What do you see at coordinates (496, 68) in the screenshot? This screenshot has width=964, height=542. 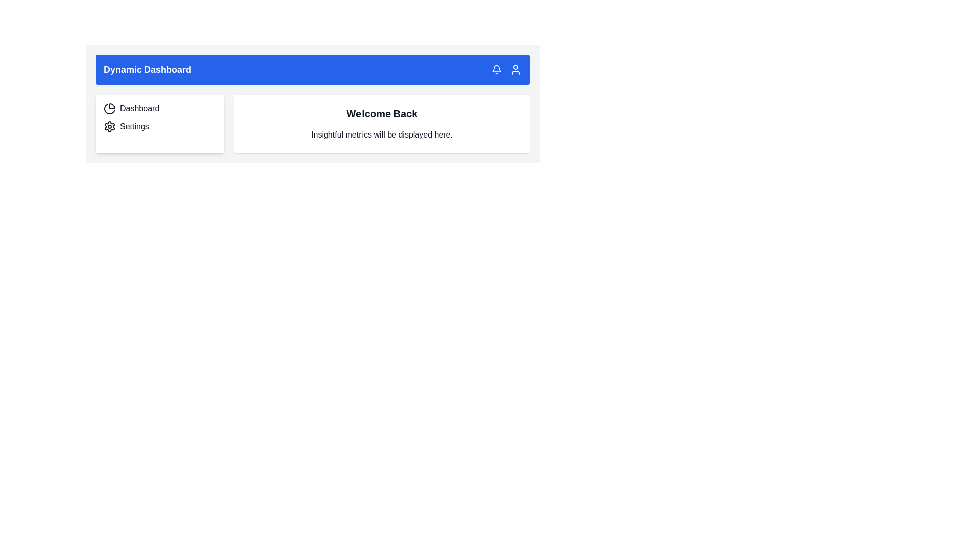 I see `the upper section of the bell icon in the top-right corner of the page, which is part of the notification feature` at bounding box center [496, 68].